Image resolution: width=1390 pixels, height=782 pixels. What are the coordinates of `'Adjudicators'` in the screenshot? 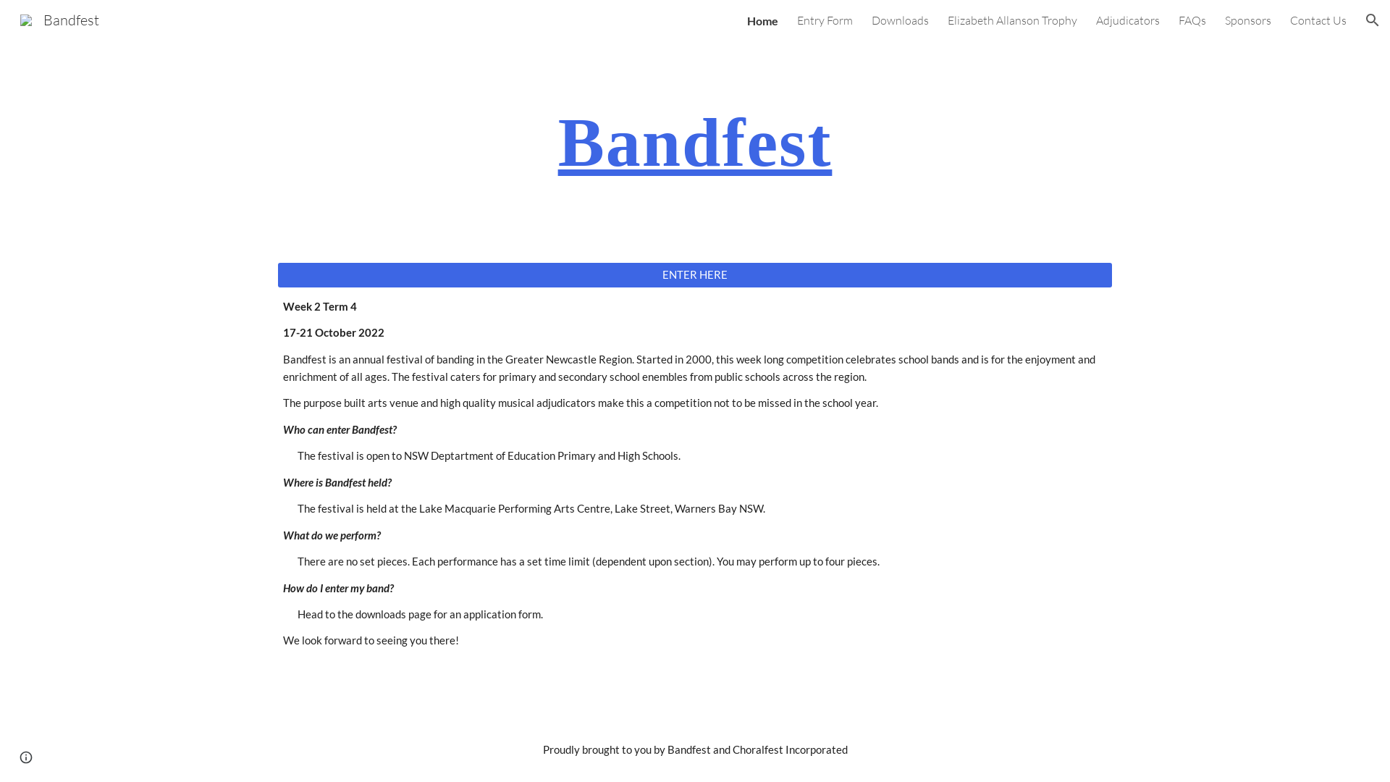 It's located at (1095, 20).